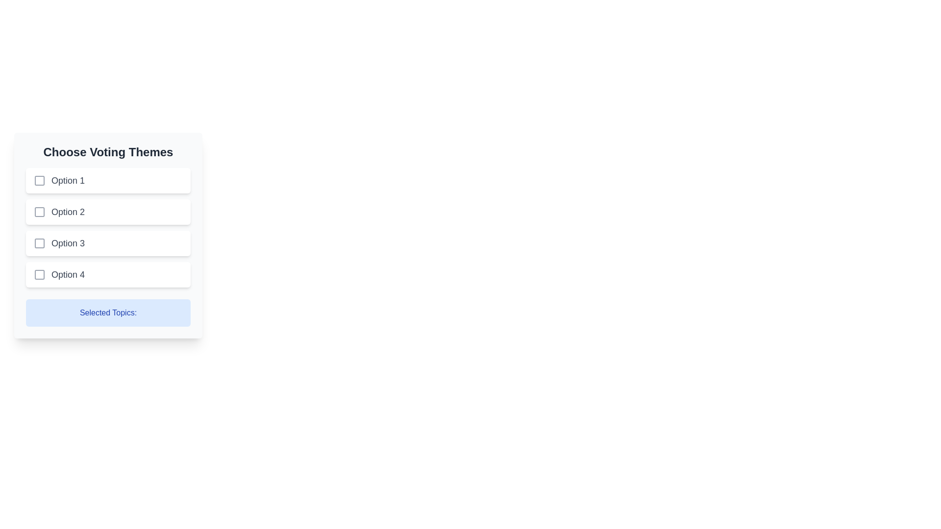  Describe the element at coordinates (68, 274) in the screenshot. I see `the label for the selectable option related to voting themes, located in the fourth position of the 'Choose Voting Themes' list` at that location.